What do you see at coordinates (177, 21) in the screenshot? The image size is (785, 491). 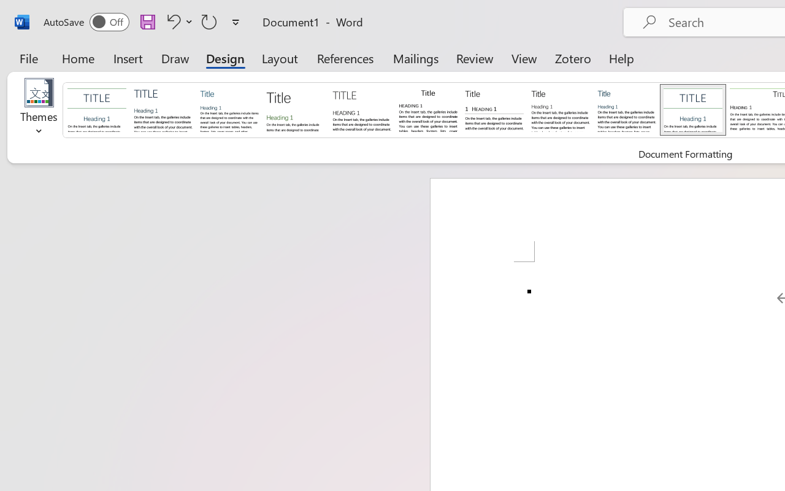 I see `'Undo Apply Quick Style Set'` at bounding box center [177, 21].